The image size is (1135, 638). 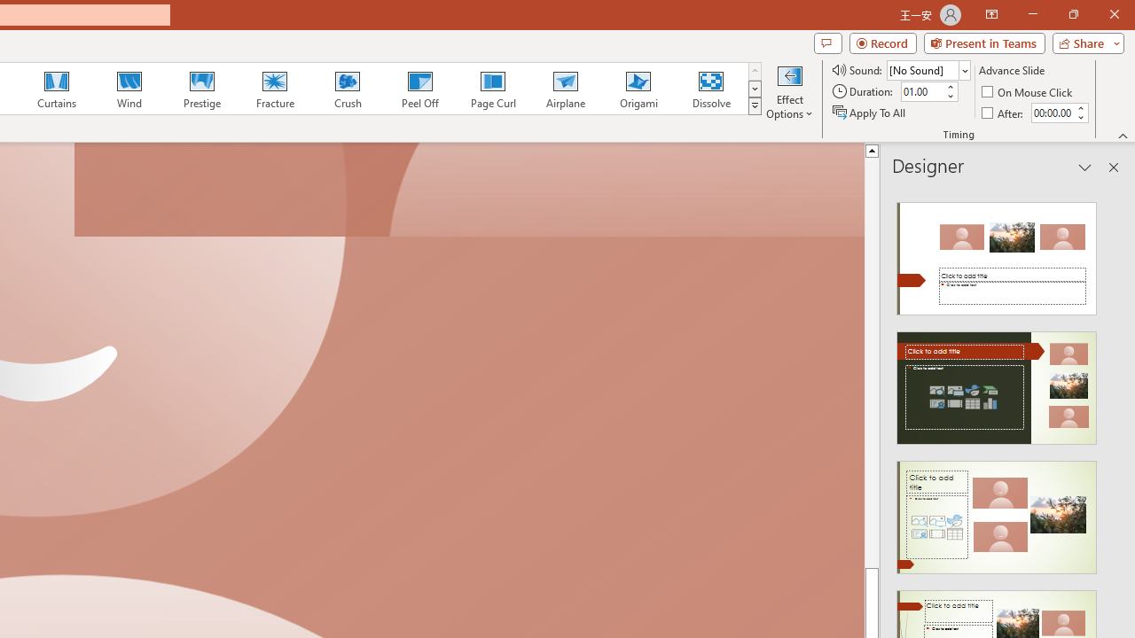 What do you see at coordinates (755, 70) in the screenshot?
I see `'Row up'` at bounding box center [755, 70].